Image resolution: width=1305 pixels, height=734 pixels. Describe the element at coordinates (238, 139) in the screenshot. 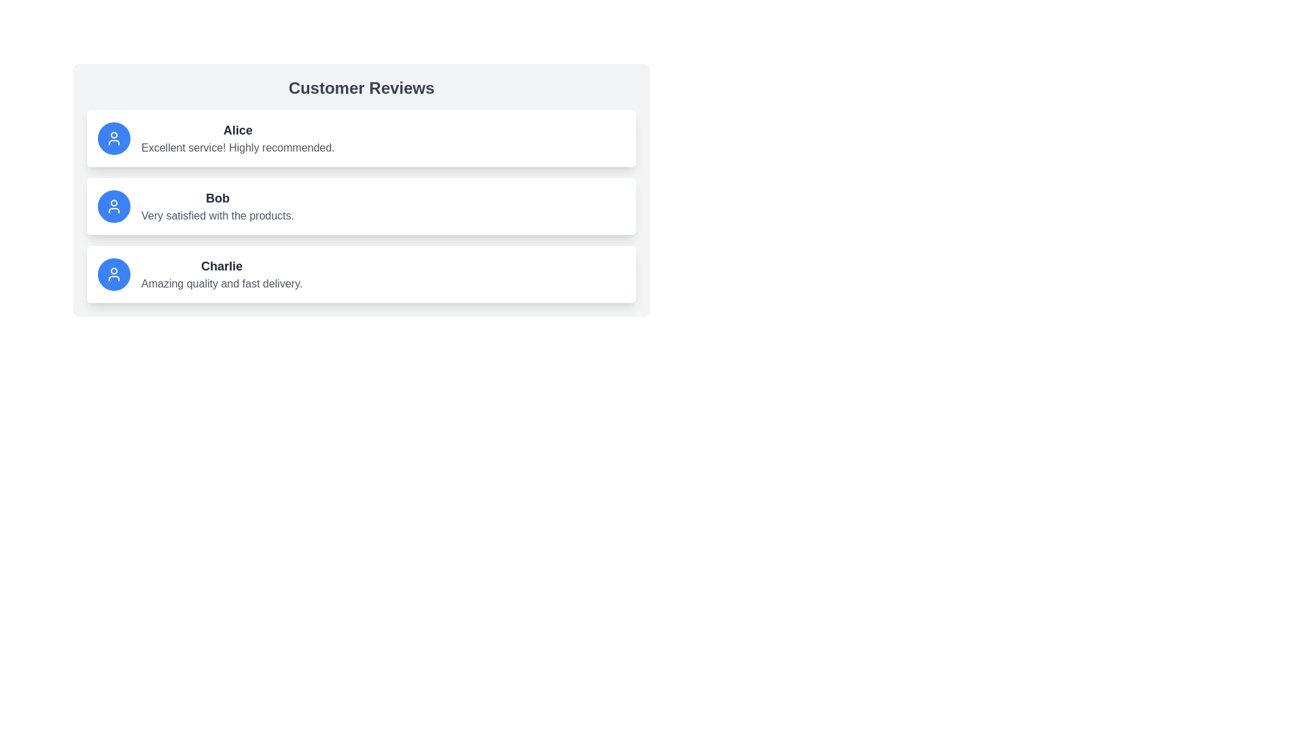

I see `the user testimonial text block that displays the user's name and review comment, which is the first listing in a vertical stack of review cards` at that location.